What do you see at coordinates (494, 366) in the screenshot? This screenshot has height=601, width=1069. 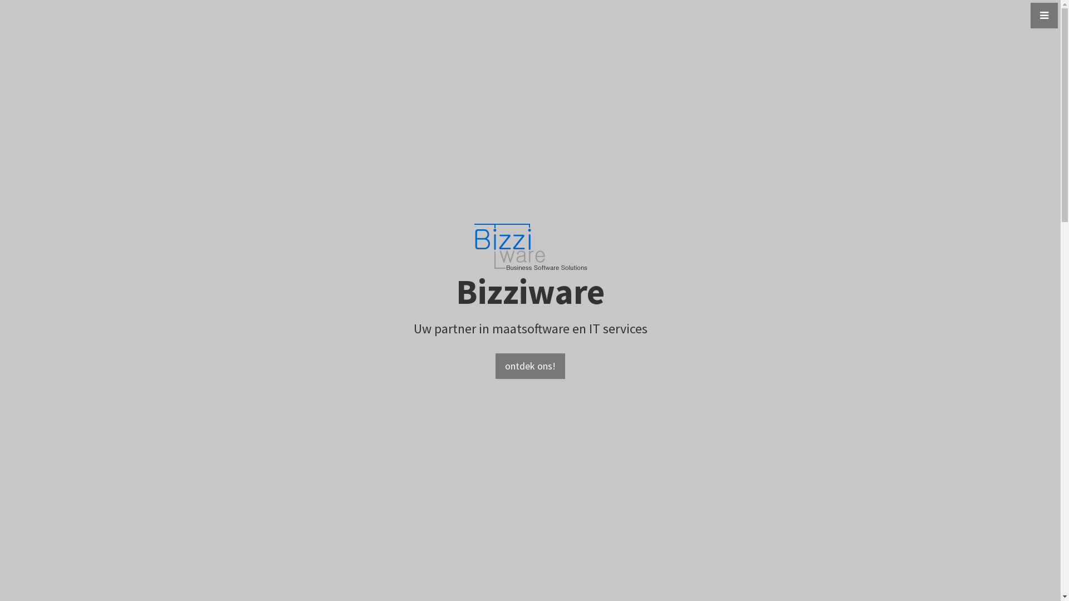 I see `'ontdek ons!'` at bounding box center [494, 366].